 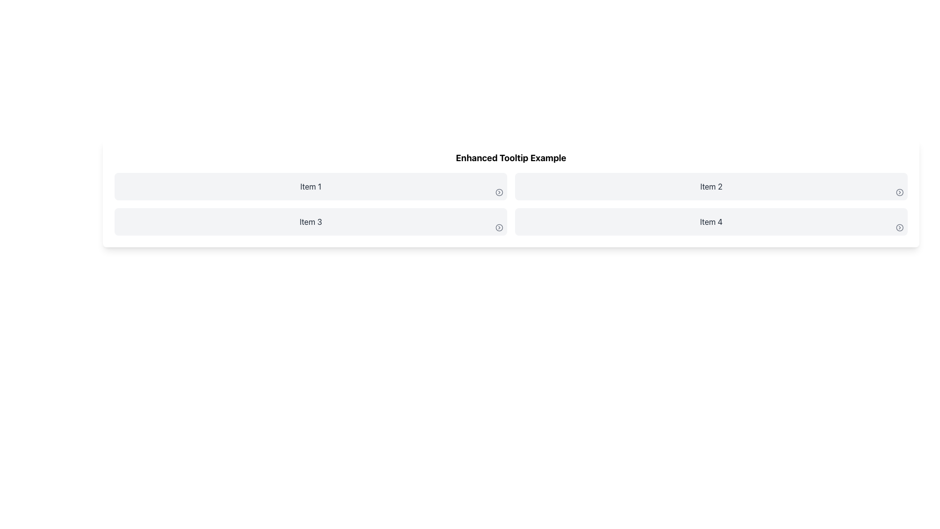 What do you see at coordinates (499, 228) in the screenshot?
I see `the Chevron icon located at the bottom-right corner of the card labeled 'Item 3'` at bounding box center [499, 228].